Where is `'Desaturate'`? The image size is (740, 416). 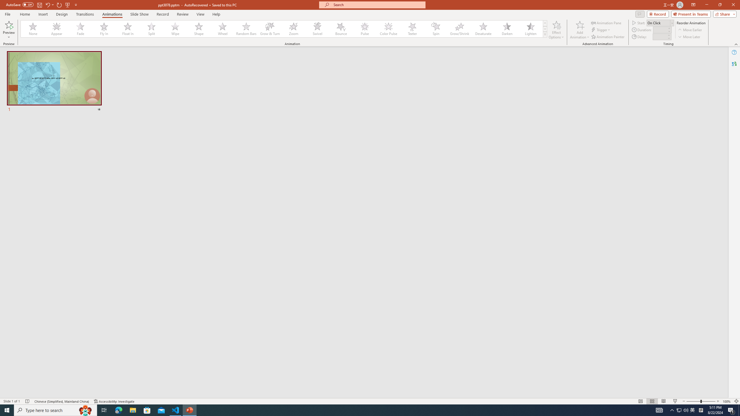
'Desaturate' is located at coordinates (483, 29).